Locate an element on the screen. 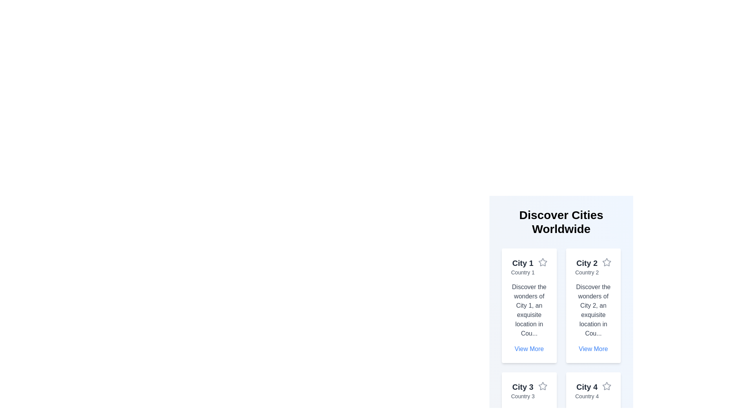  the text label displaying 'Country 4', which is styled in gray and located beneath the 'City 4' title in the card layout is located at coordinates (587, 396).